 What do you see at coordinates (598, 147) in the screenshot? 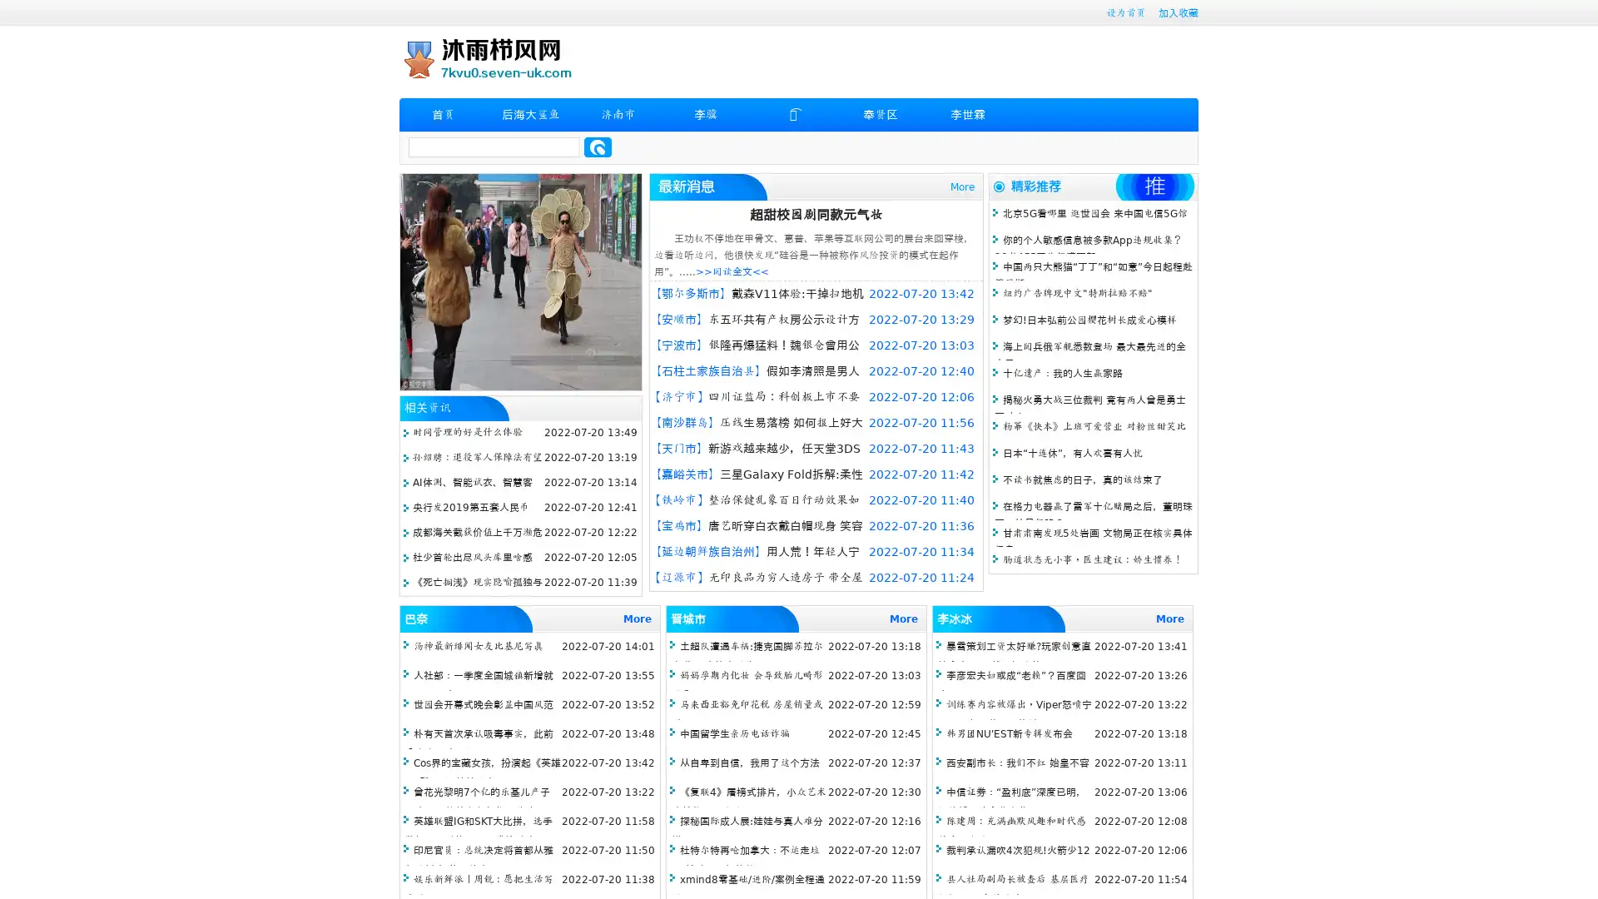
I see `Search` at bounding box center [598, 147].